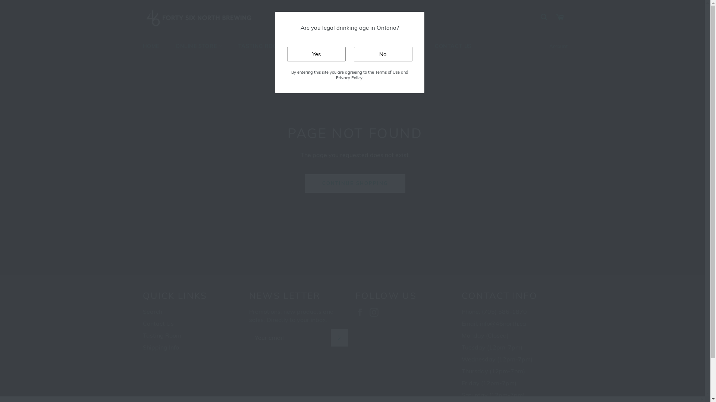 The width and height of the screenshot is (716, 402). Describe the element at coordinates (331, 46) in the screenshot. I see `'PRIVATE BOOKINGS'` at that location.